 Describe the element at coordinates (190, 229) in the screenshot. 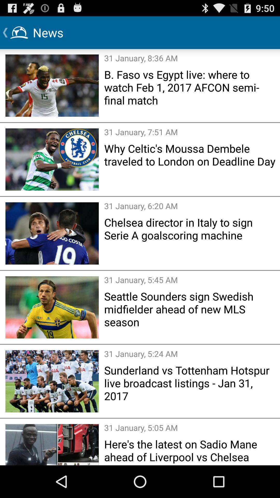

I see `the item below 31 january 6 item` at that location.